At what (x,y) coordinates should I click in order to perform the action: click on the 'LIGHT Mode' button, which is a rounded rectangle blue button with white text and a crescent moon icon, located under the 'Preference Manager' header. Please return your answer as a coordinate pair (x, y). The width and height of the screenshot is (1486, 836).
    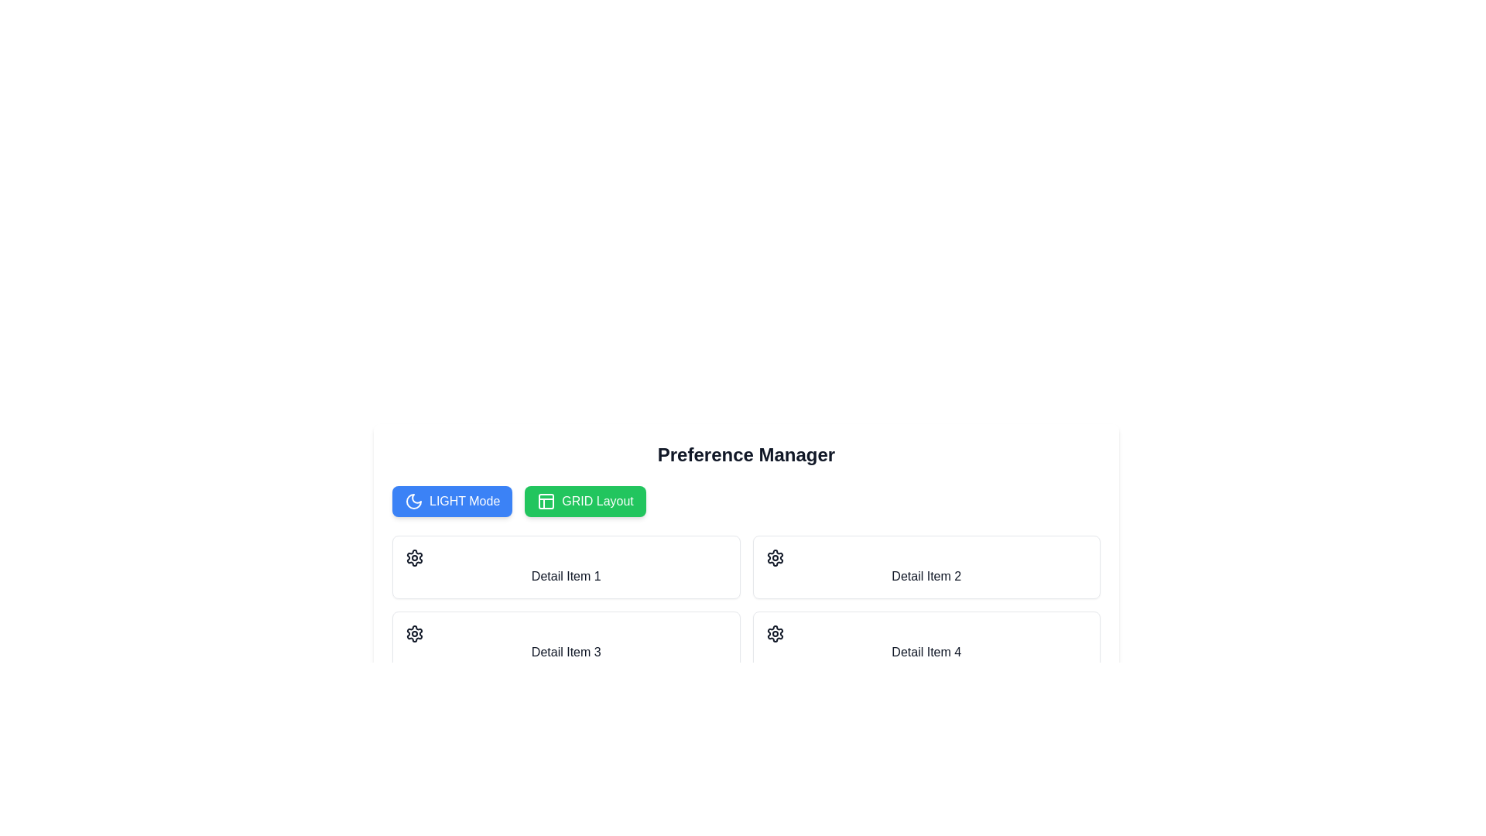
    Looking at the image, I should click on (451, 502).